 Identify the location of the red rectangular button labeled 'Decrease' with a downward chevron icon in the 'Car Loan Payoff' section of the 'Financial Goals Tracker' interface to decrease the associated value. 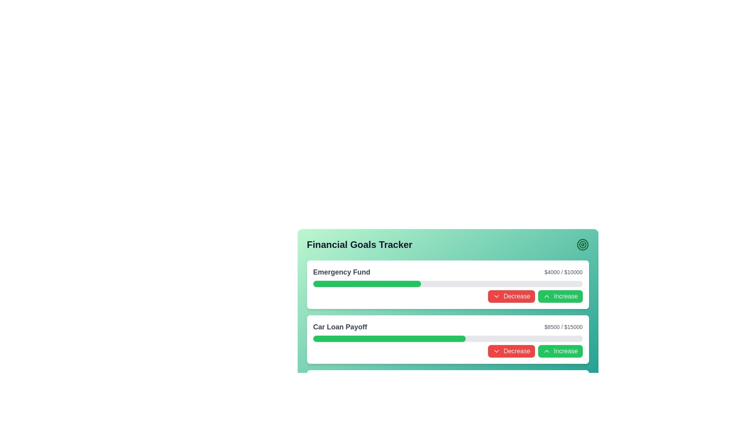
(511, 351).